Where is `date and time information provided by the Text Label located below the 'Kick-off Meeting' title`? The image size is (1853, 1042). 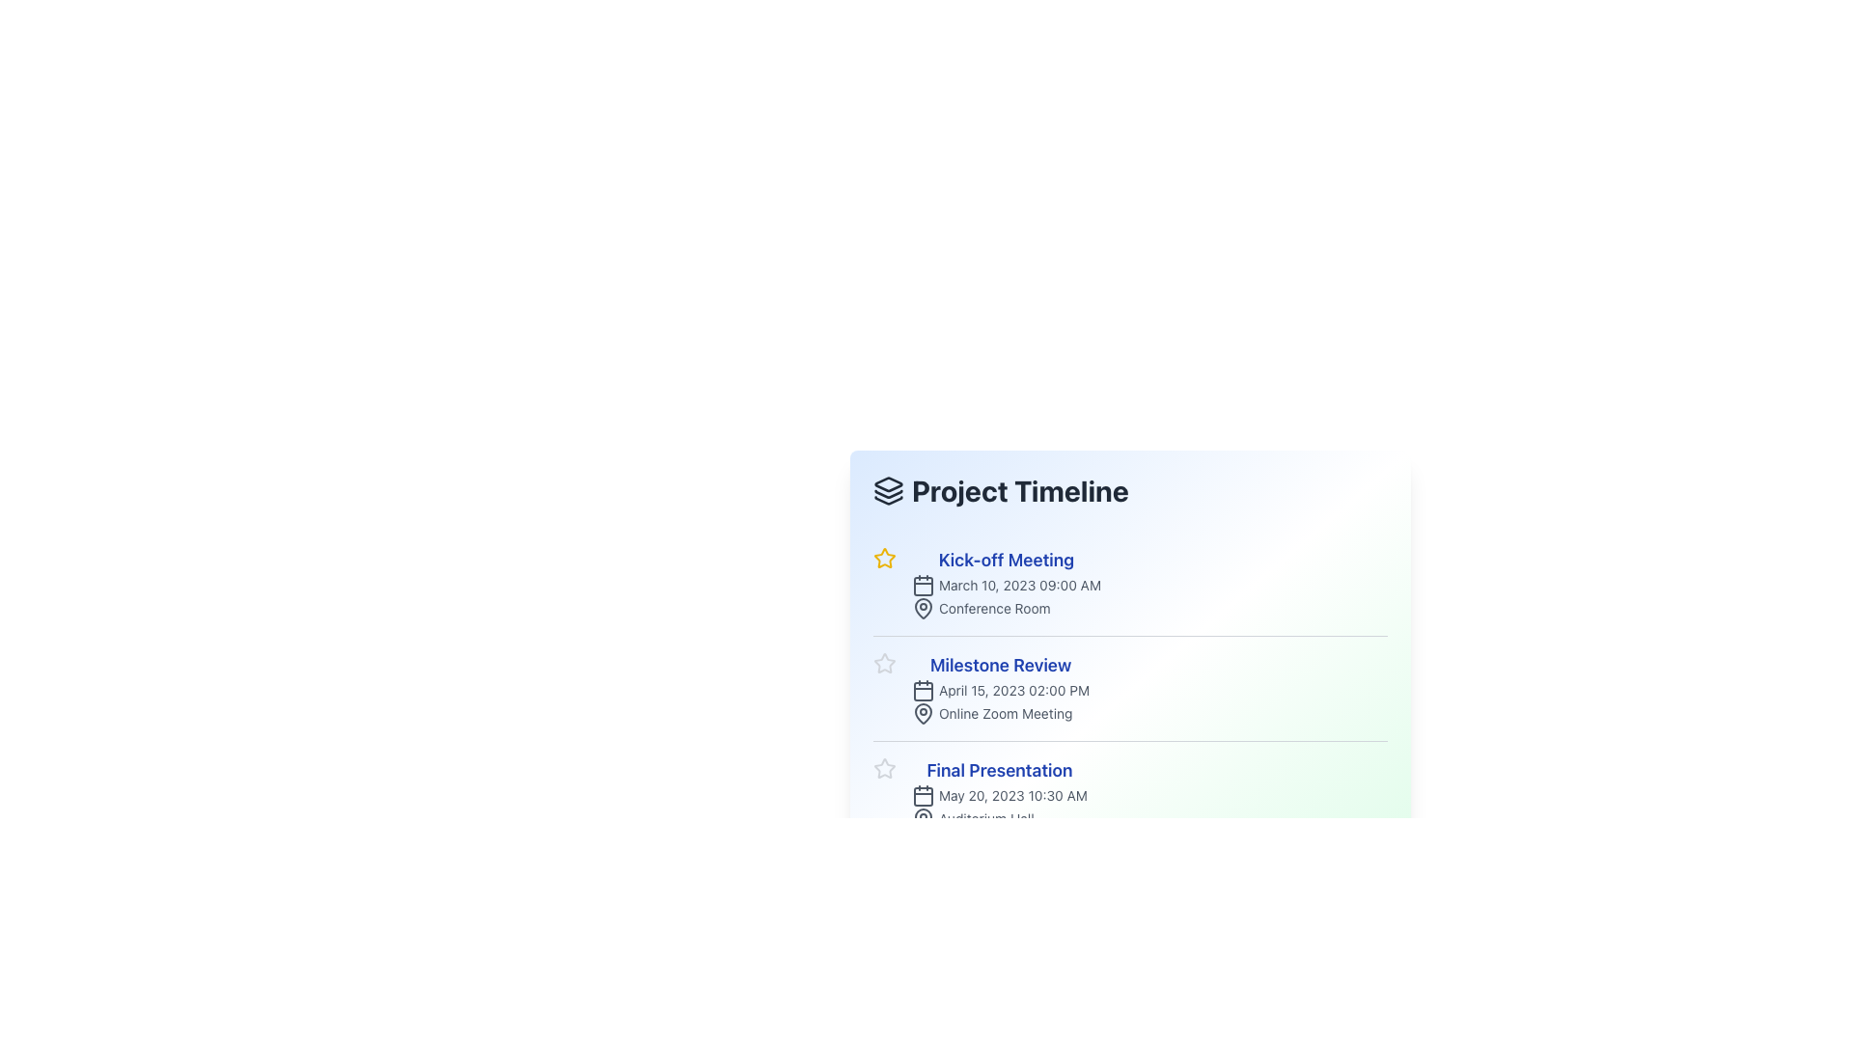
date and time information provided by the Text Label located below the 'Kick-off Meeting' title is located at coordinates (1005, 584).